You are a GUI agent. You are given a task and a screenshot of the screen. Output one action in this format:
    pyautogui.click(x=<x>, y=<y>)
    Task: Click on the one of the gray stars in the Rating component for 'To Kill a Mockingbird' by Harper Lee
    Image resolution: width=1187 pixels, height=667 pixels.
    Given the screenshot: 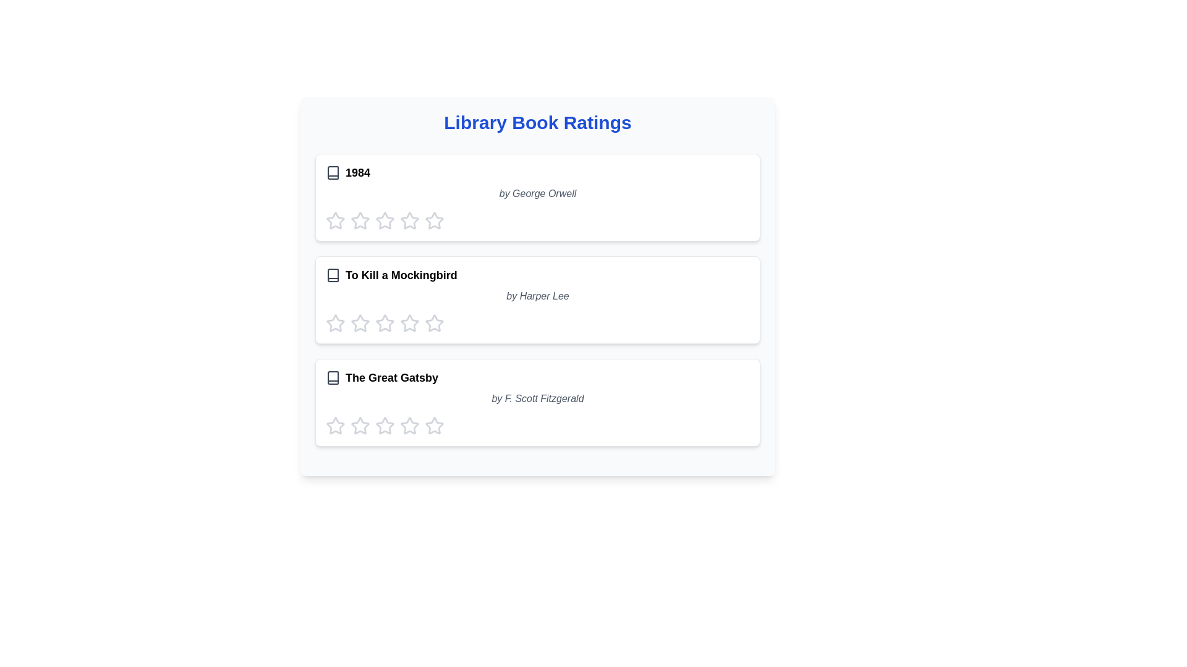 What is the action you would take?
    pyautogui.click(x=537, y=323)
    